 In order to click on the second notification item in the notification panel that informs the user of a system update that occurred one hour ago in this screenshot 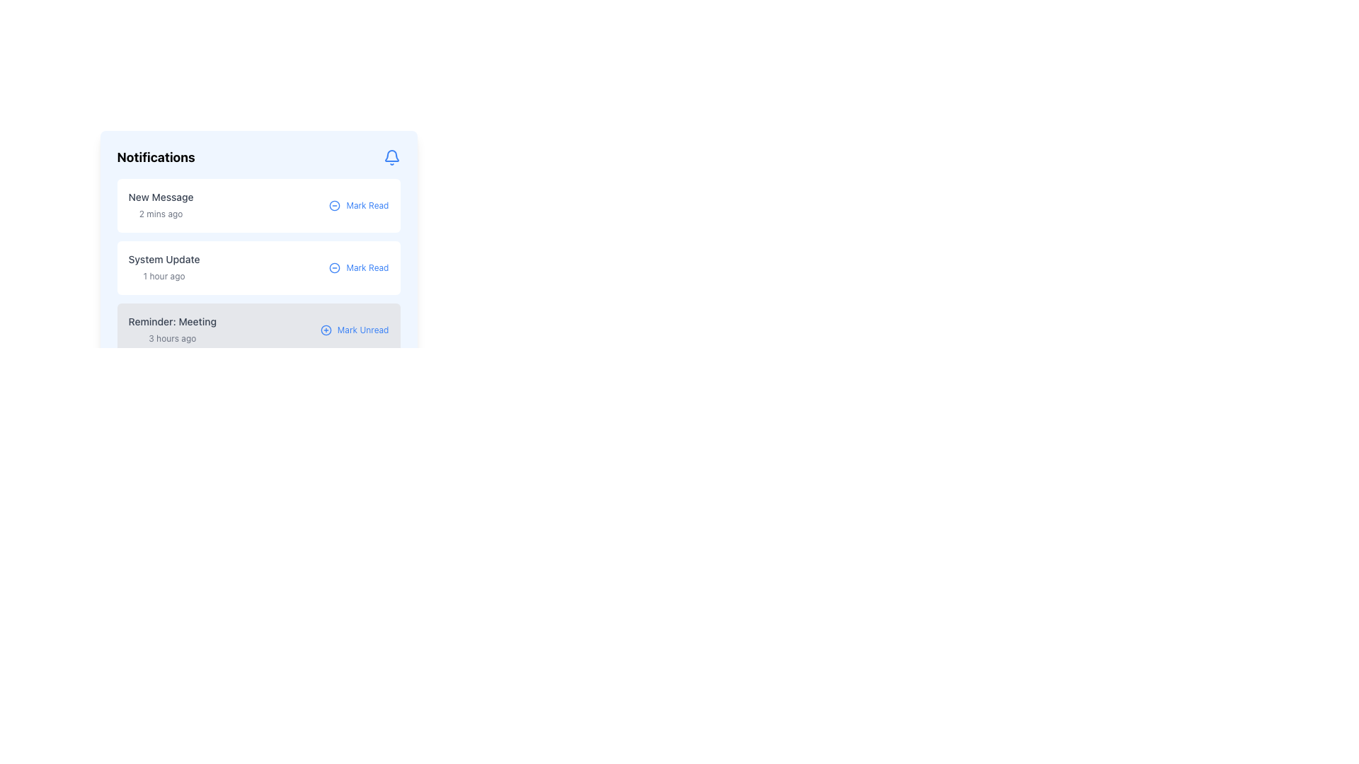, I will do `click(258, 252)`.